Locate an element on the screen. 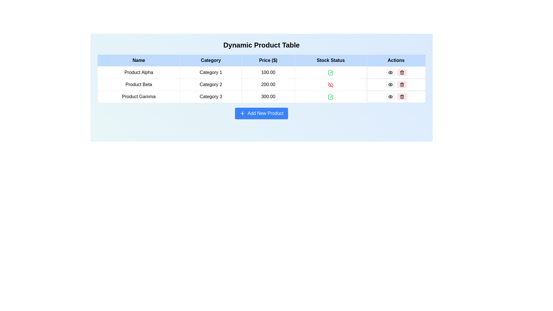  the 'Actions' text label which is the rightmost header in the table column headers, featuring a light blue background and bold black text is located at coordinates (396, 60).